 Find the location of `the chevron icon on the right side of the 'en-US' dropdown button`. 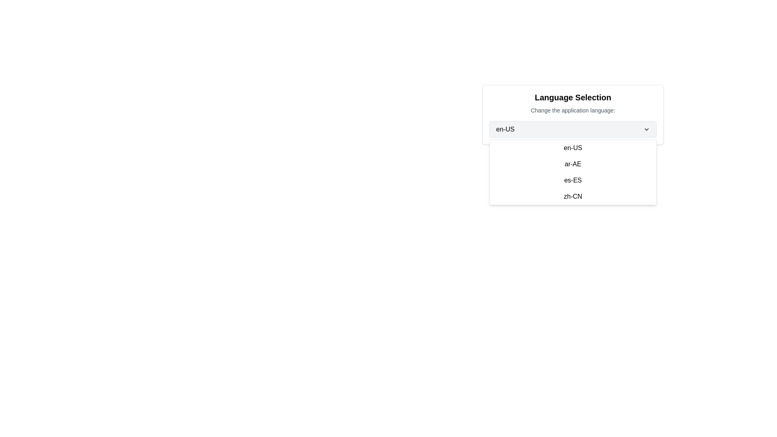

the chevron icon on the right side of the 'en-US' dropdown button is located at coordinates (646, 129).